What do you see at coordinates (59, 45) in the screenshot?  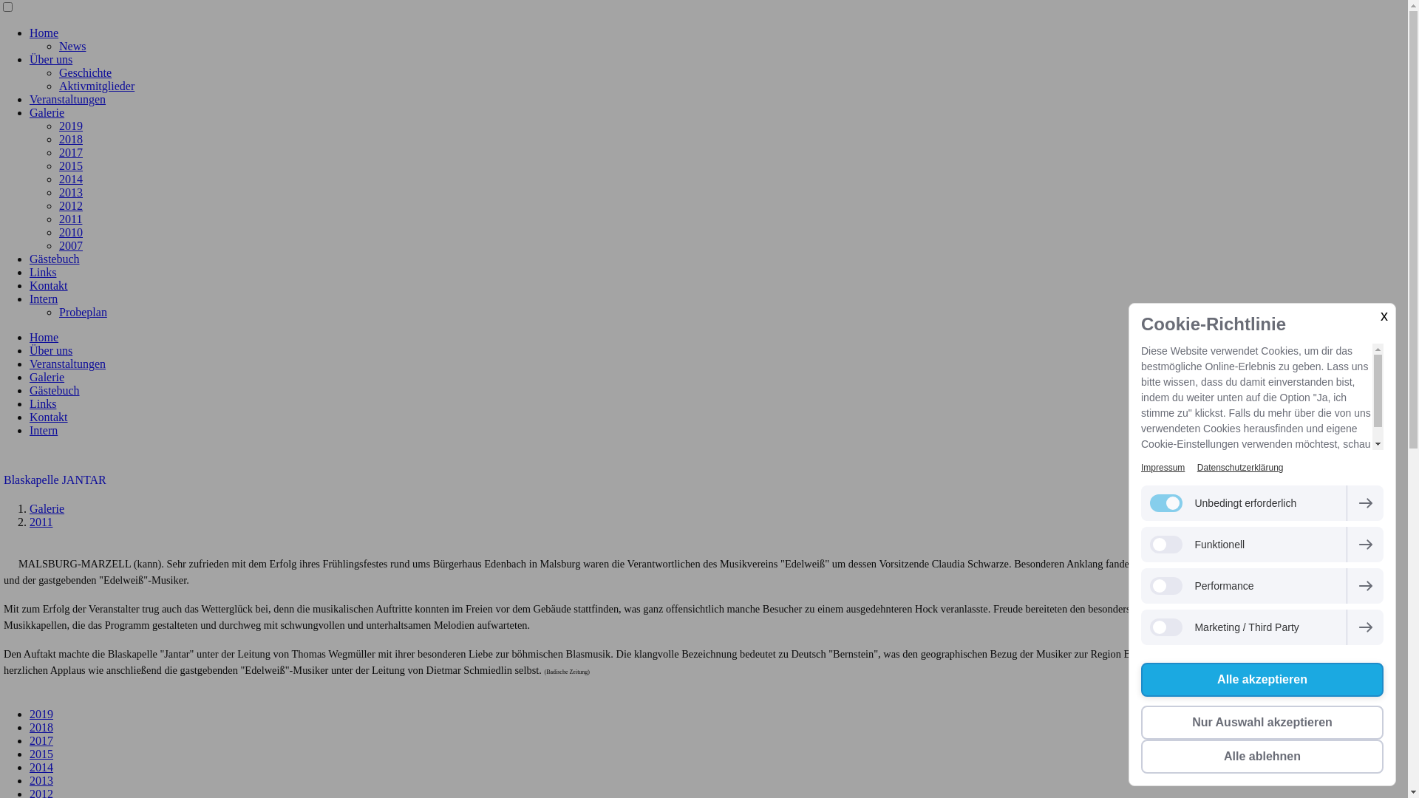 I see `'News'` at bounding box center [59, 45].